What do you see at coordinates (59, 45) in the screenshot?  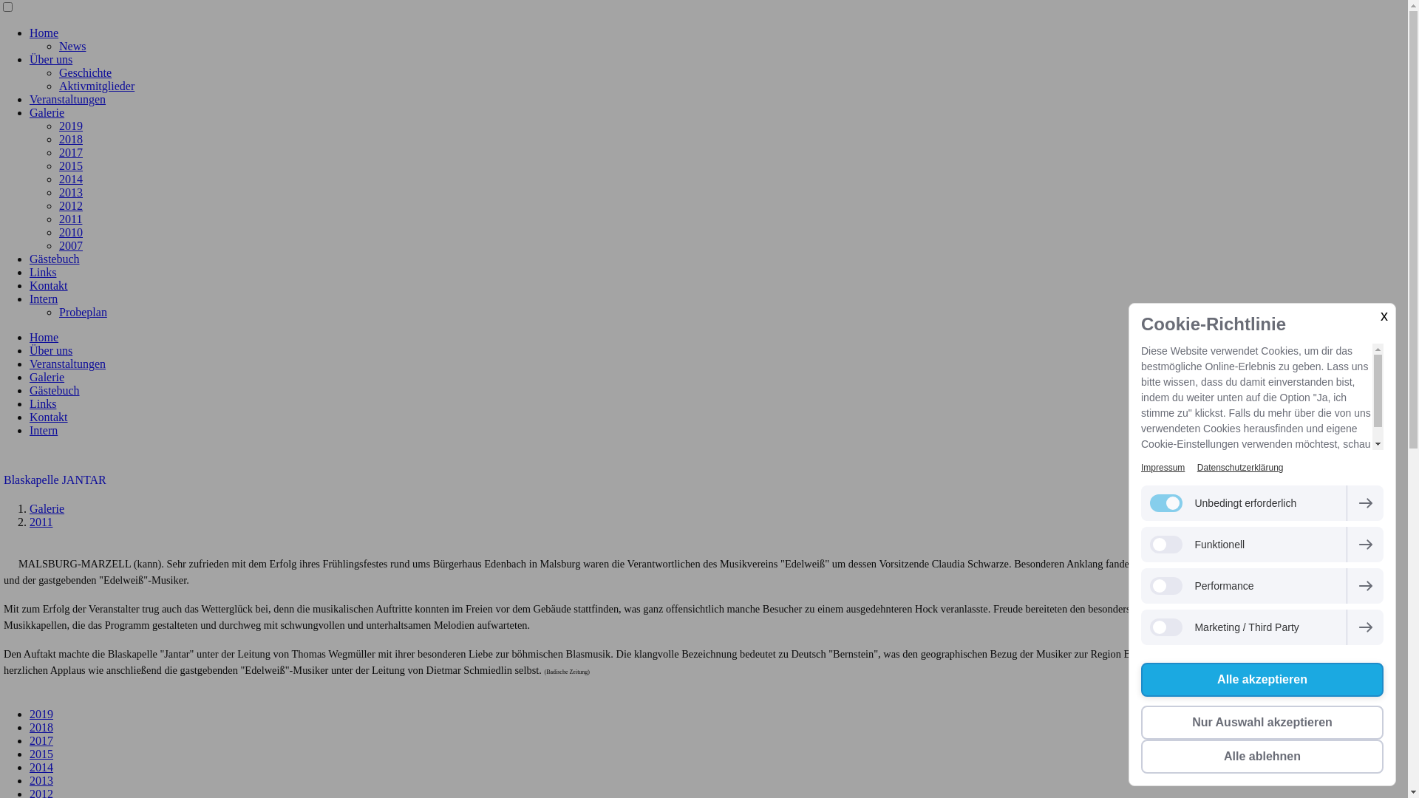 I see `'News'` at bounding box center [59, 45].